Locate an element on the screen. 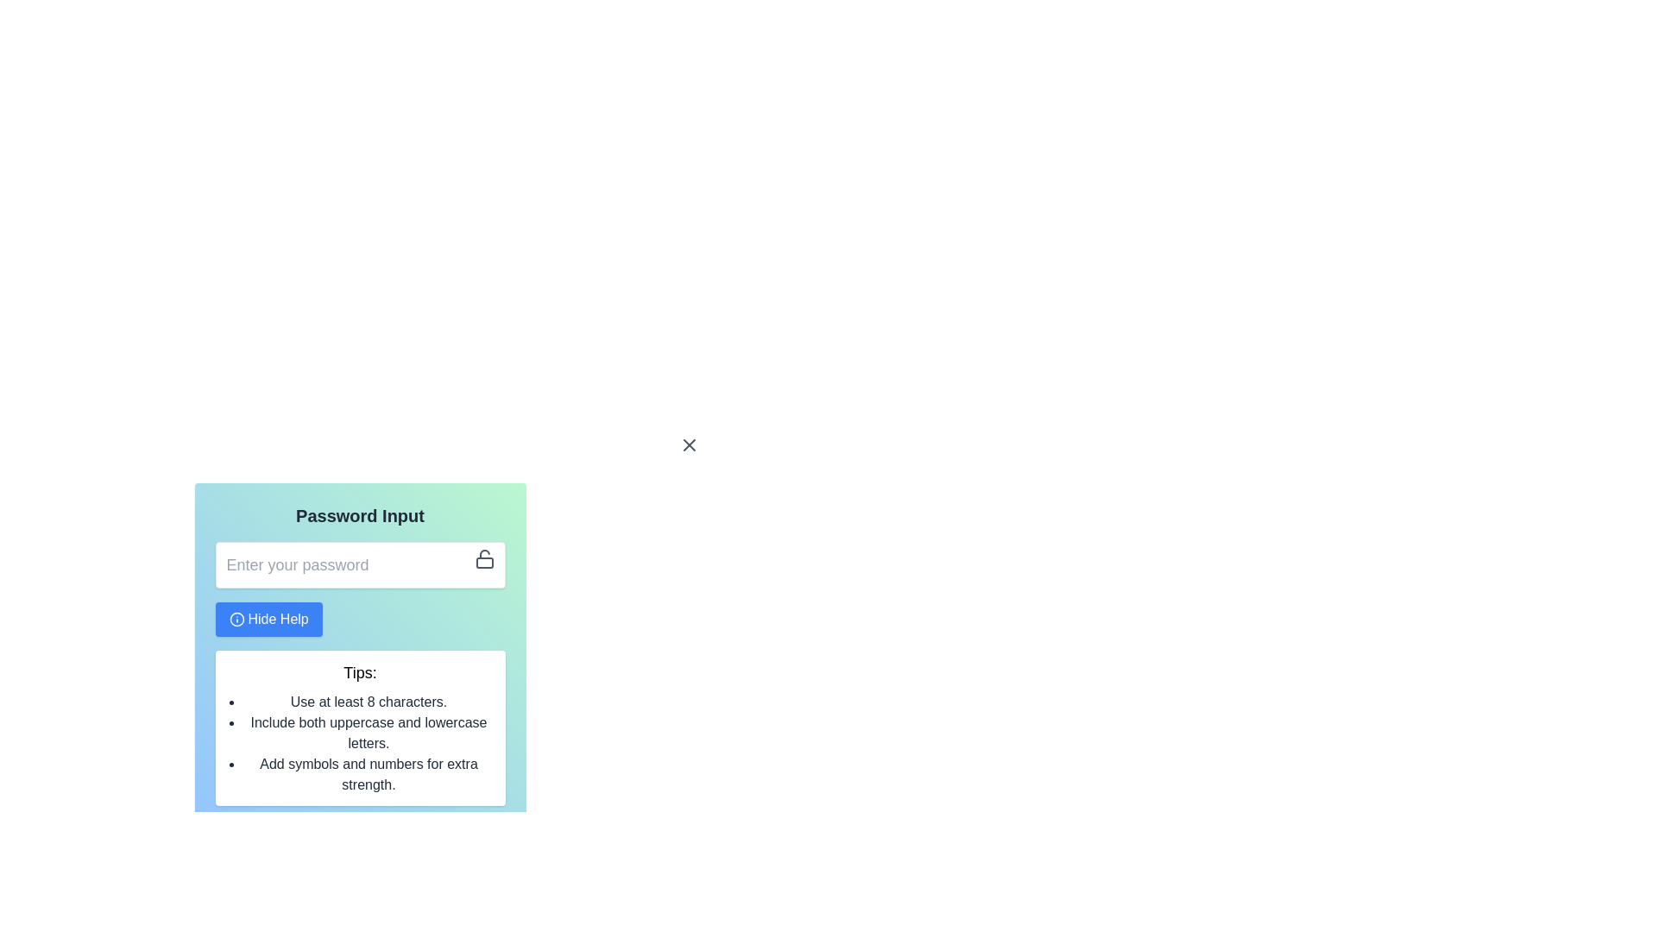  the lower rectangular part of the lock icon, which symbolizes security and is positioned to the right of the password input field is located at coordinates (483, 563).